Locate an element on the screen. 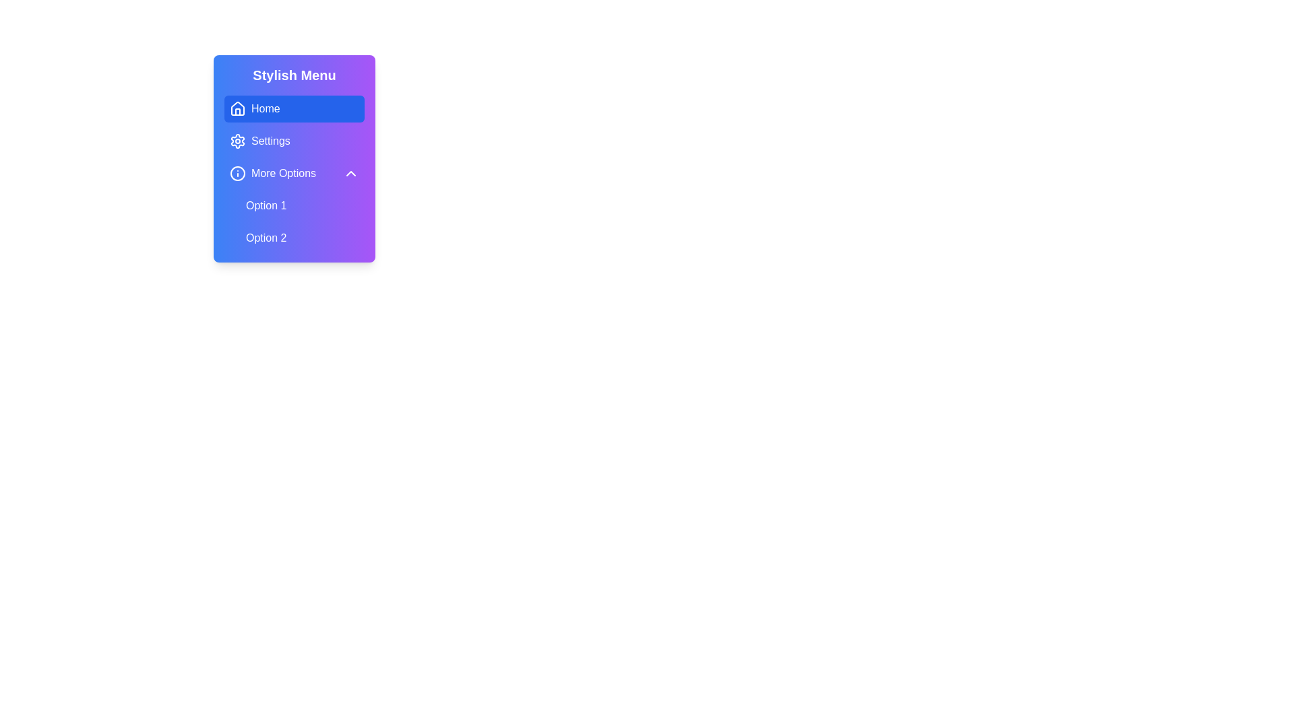 The image size is (1294, 727). the SVG Circle that indicates the 'More Options' section of the menu, enhancing recognition and assisting interaction is located at coordinates (238, 173).